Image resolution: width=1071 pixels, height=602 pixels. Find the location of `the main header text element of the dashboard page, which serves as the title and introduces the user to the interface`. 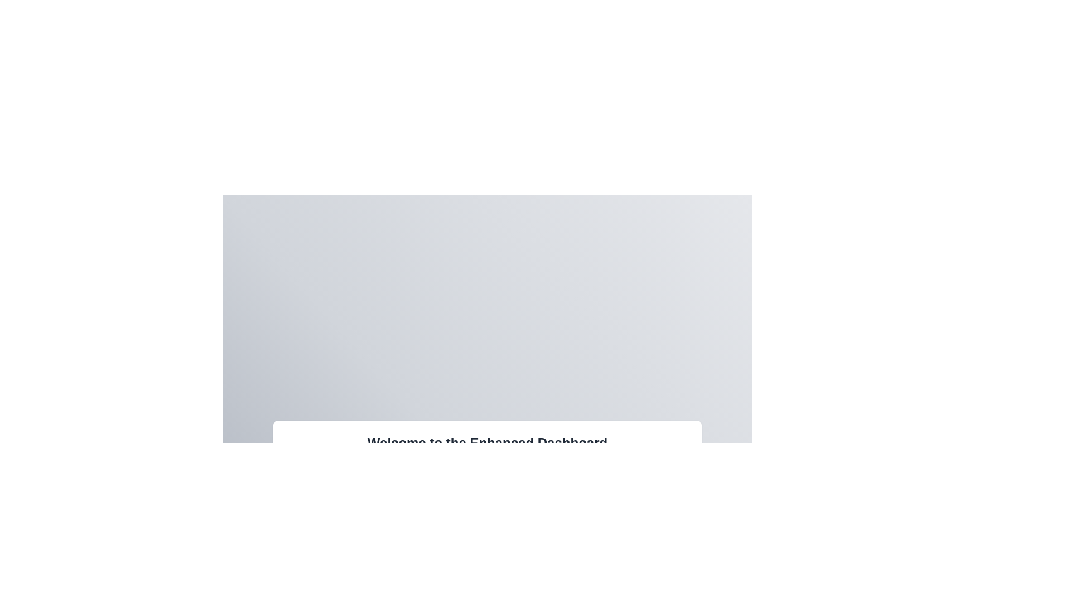

the main header text element of the dashboard page, which serves as the title and introduces the user to the interface is located at coordinates (487, 442).